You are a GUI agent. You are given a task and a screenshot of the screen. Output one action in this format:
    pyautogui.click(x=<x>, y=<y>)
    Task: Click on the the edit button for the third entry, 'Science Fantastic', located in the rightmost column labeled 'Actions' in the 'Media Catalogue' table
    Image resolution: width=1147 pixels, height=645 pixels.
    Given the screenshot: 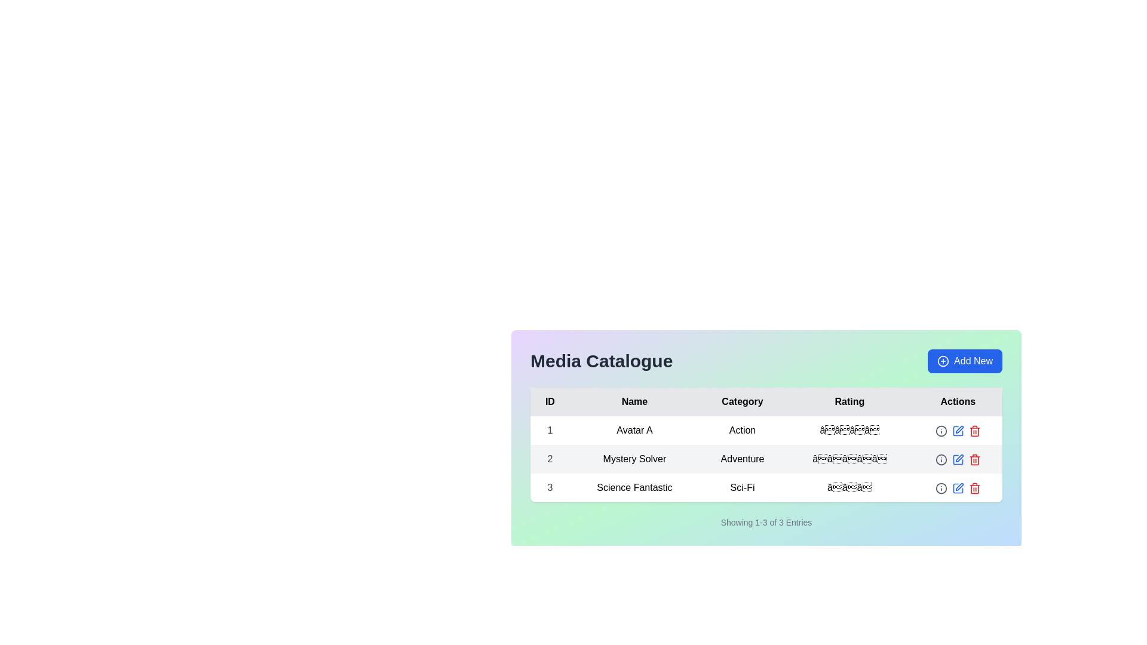 What is the action you would take?
    pyautogui.click(x=958, y=488)
    